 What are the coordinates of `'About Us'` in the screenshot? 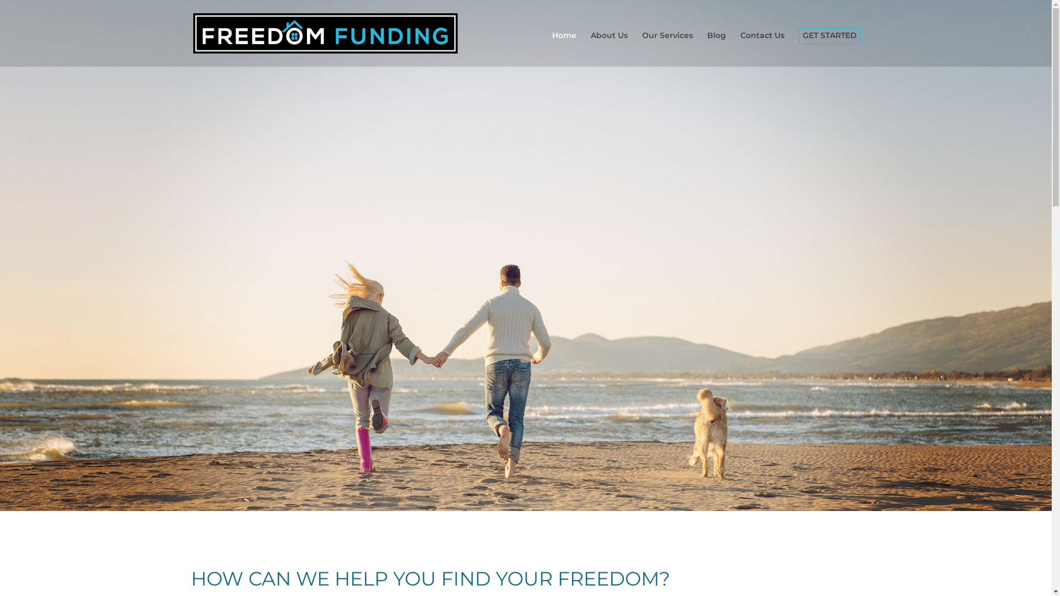 It's located at (608, 48).